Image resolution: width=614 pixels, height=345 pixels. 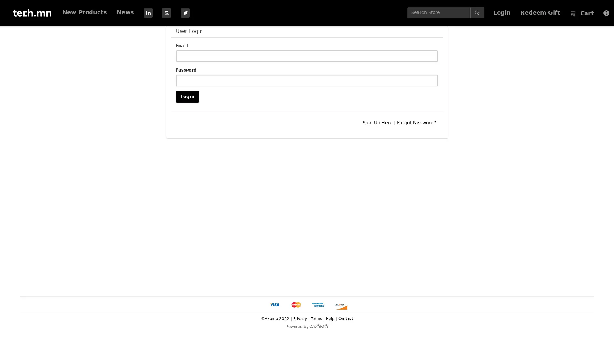 What do you see at coordinates (187, 96) in the screenshot?
I see `Login` at bounding box center [187, 96].